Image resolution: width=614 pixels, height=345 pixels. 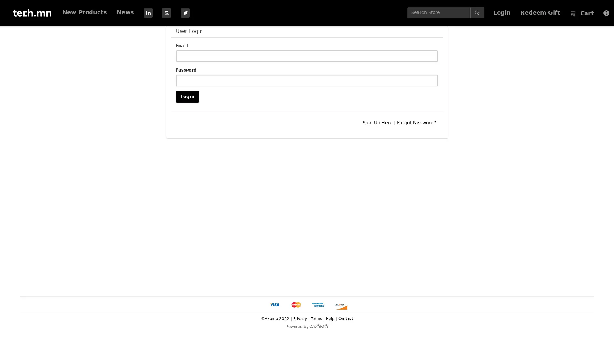 What do you see at coordinates (187, 96) in the screenshot?
I see `Login` at bounding box center [187, 96].